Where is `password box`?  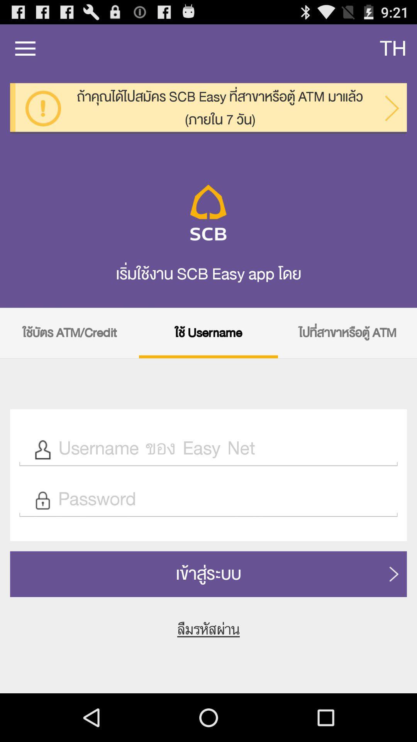
password box is located at coordinates (224, 500).